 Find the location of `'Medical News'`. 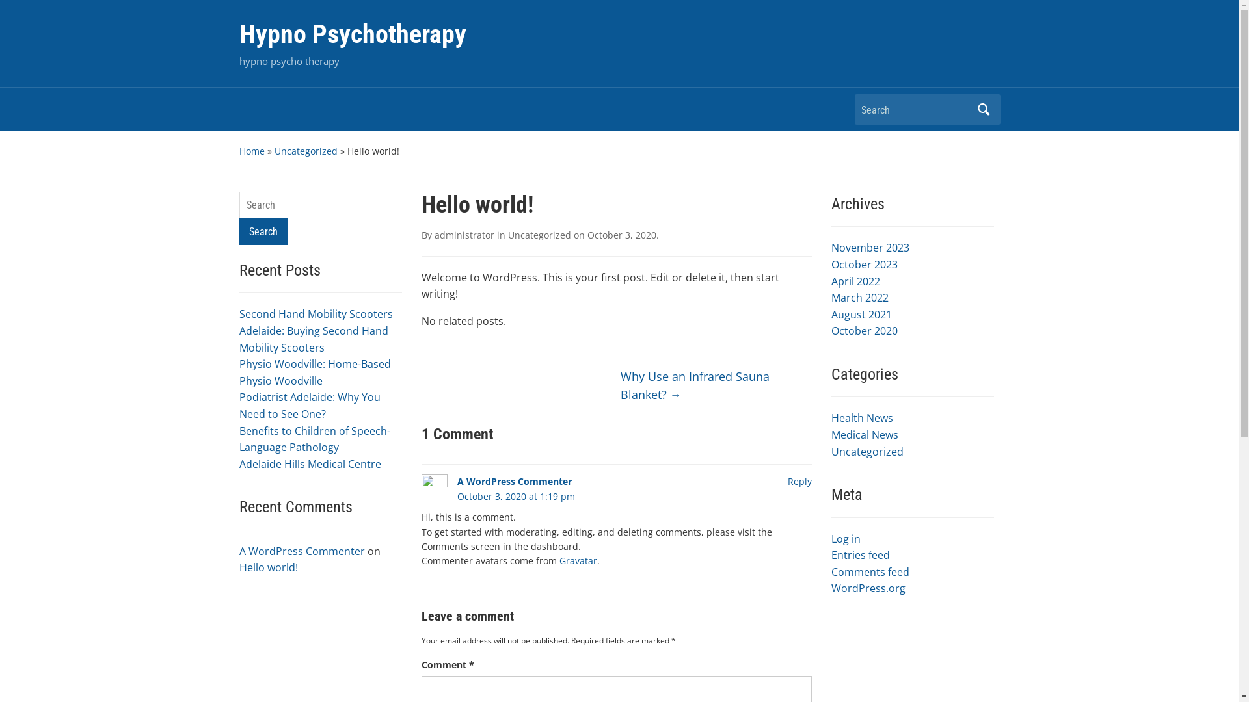

'Medical News' is located at coordinates (865, 434).